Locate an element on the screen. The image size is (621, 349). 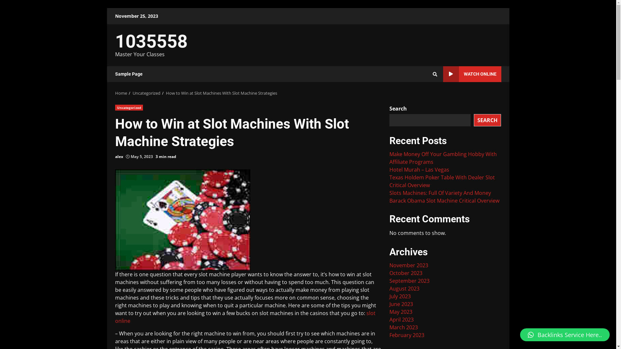
'Backlinks Service Here..' is located at coordinates (564, 334).